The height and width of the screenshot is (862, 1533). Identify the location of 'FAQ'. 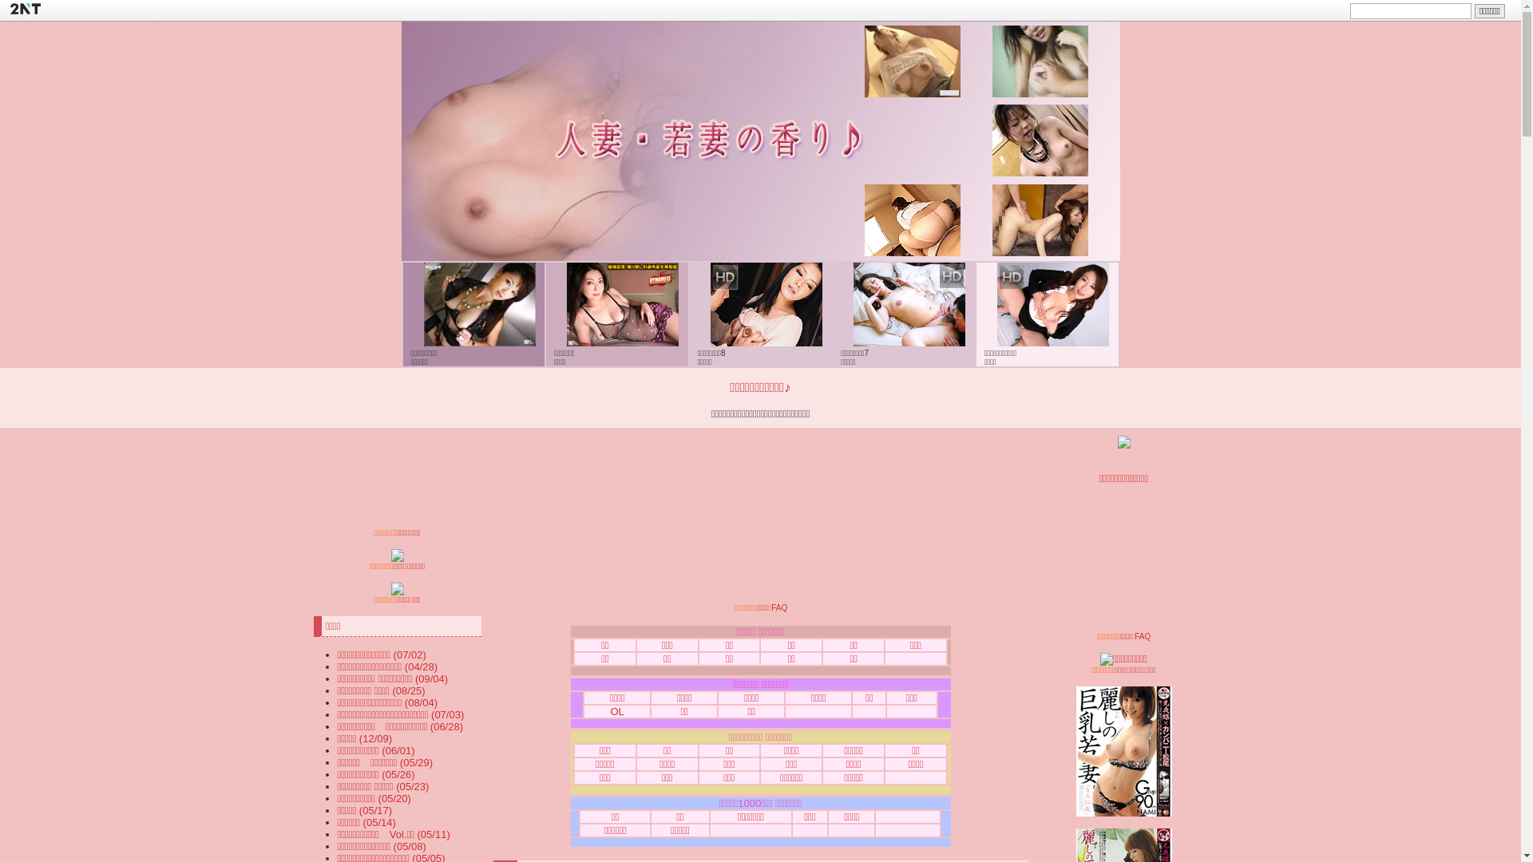
(778, 607).